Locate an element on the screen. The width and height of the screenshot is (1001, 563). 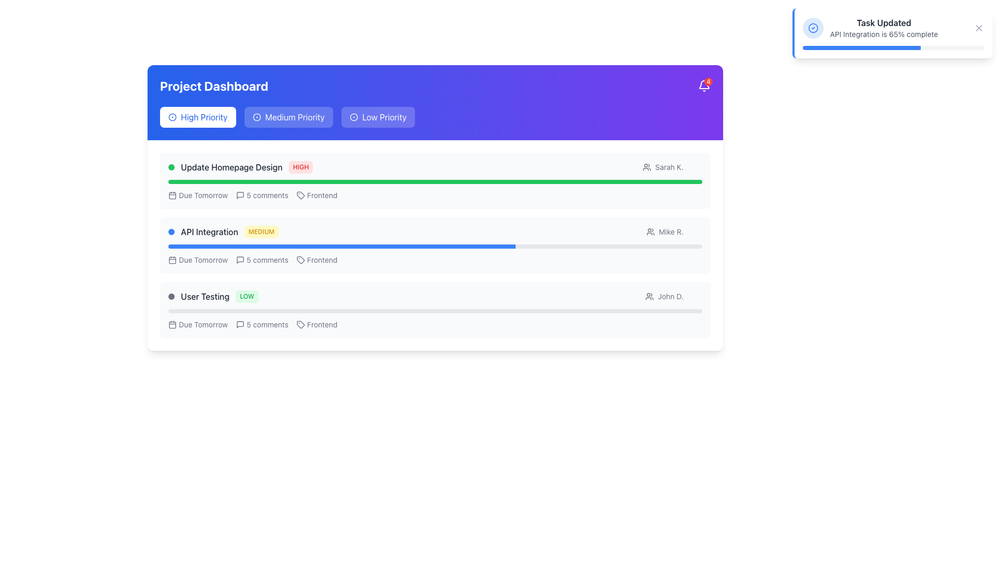
the progress visually on the horizontal progress bar with a light gray background and rounded edges, located in the 'User Testing' section, below the task details labeled with 'LOW' priority is located at coordinates (435, 311).